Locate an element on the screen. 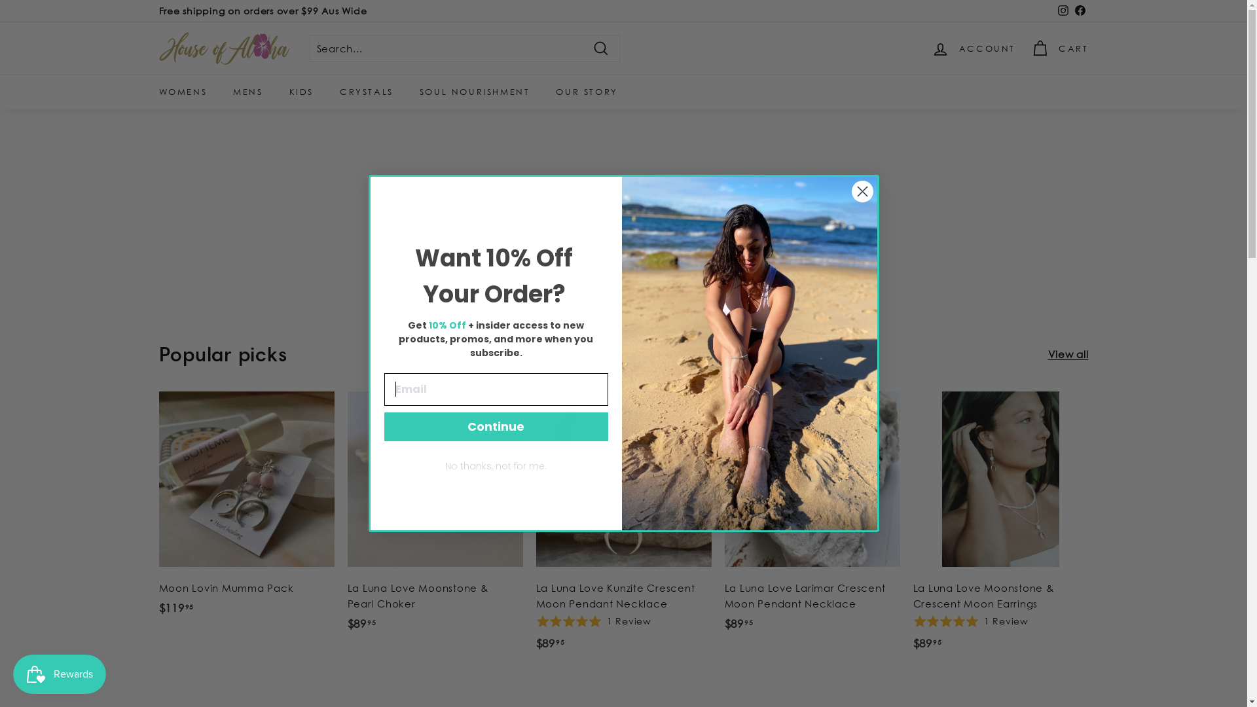  'KIDS' is located at coordinates (301, 91).